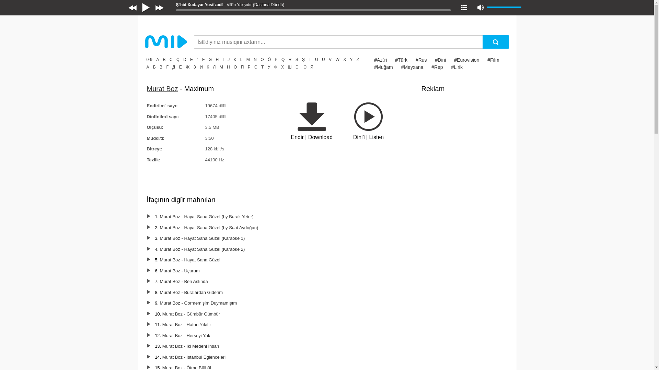 Image resolution: width=659 pixels, height=370 pixels. I want to click on 'P', so click(276, 59).